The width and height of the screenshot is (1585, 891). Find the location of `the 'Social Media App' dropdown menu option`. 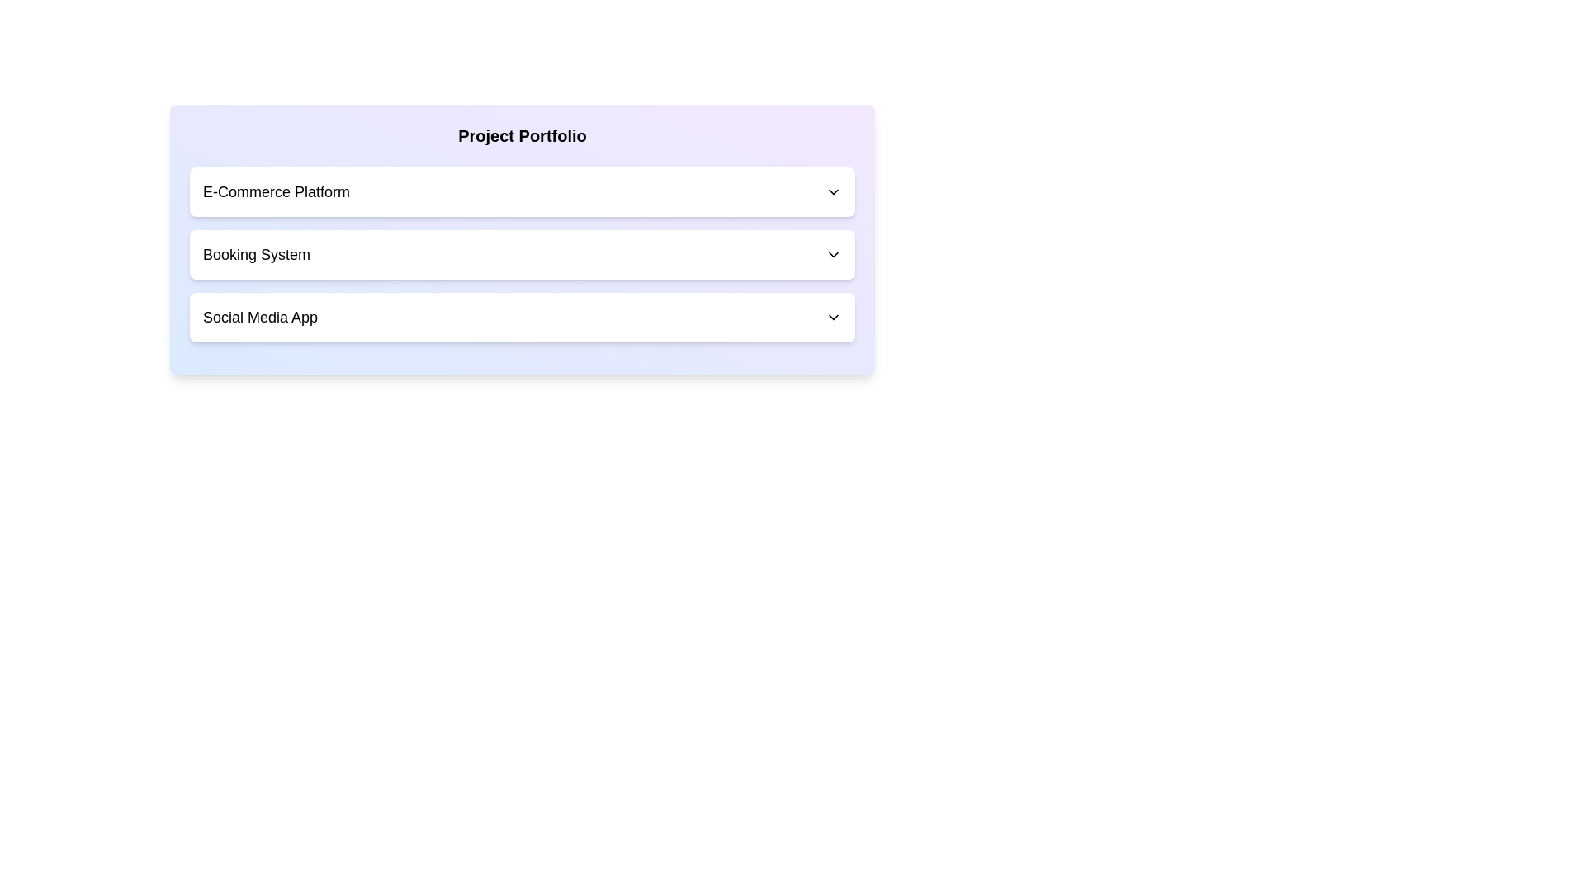

the 'Social Media App' dropdown menu option is located at coordinates (522, 318).